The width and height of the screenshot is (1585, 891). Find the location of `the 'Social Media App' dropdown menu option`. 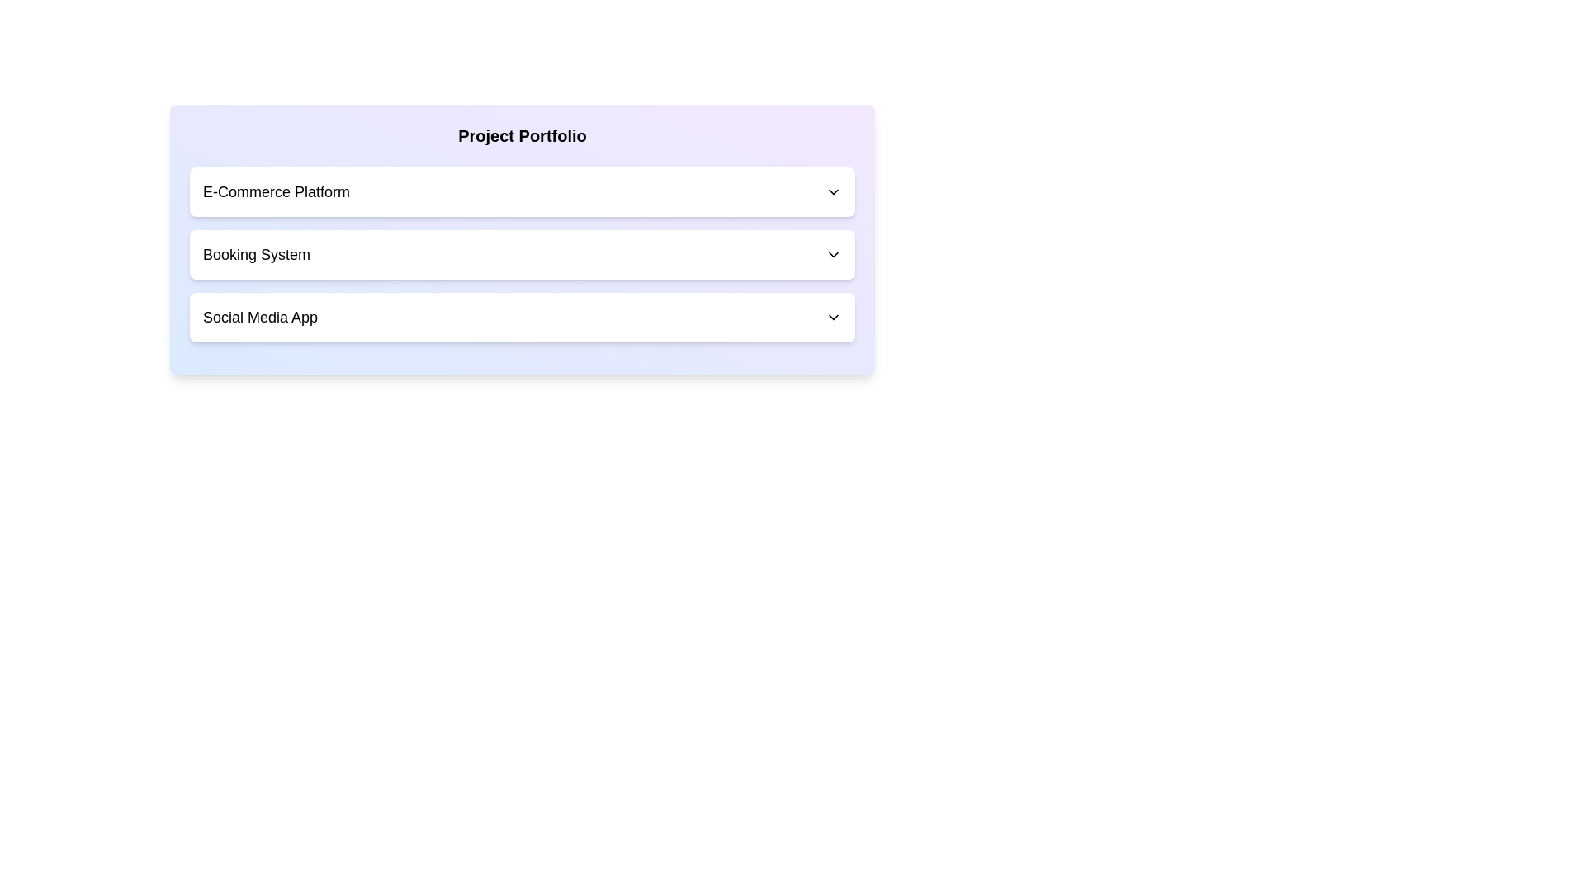

the 'Social Media App' dropdown menu option is located at coordinates (522, 318).